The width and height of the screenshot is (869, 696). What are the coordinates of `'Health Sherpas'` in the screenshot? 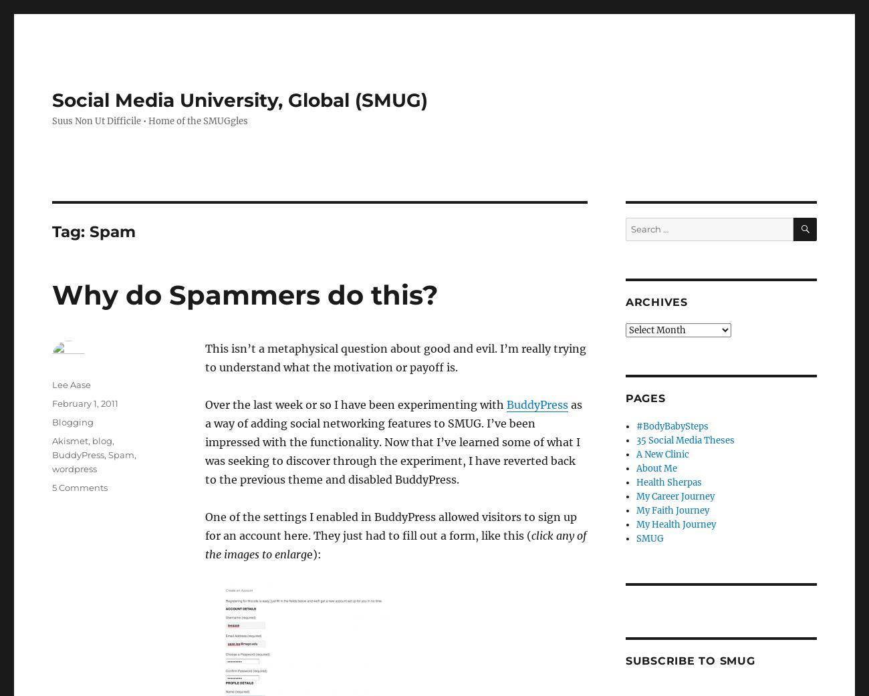 It's located at (636, 482).